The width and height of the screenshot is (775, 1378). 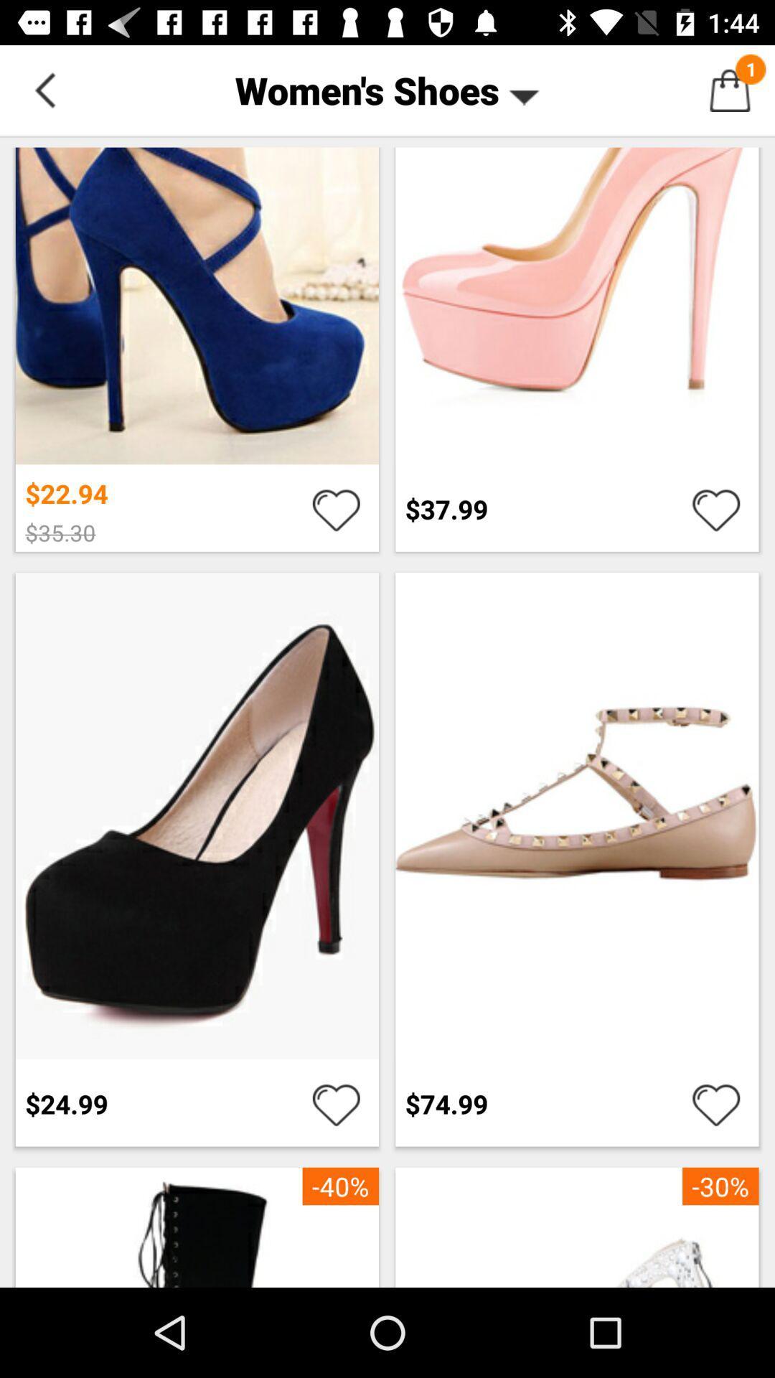 I want to click on shows heart icon, so click(x=716, y=509).